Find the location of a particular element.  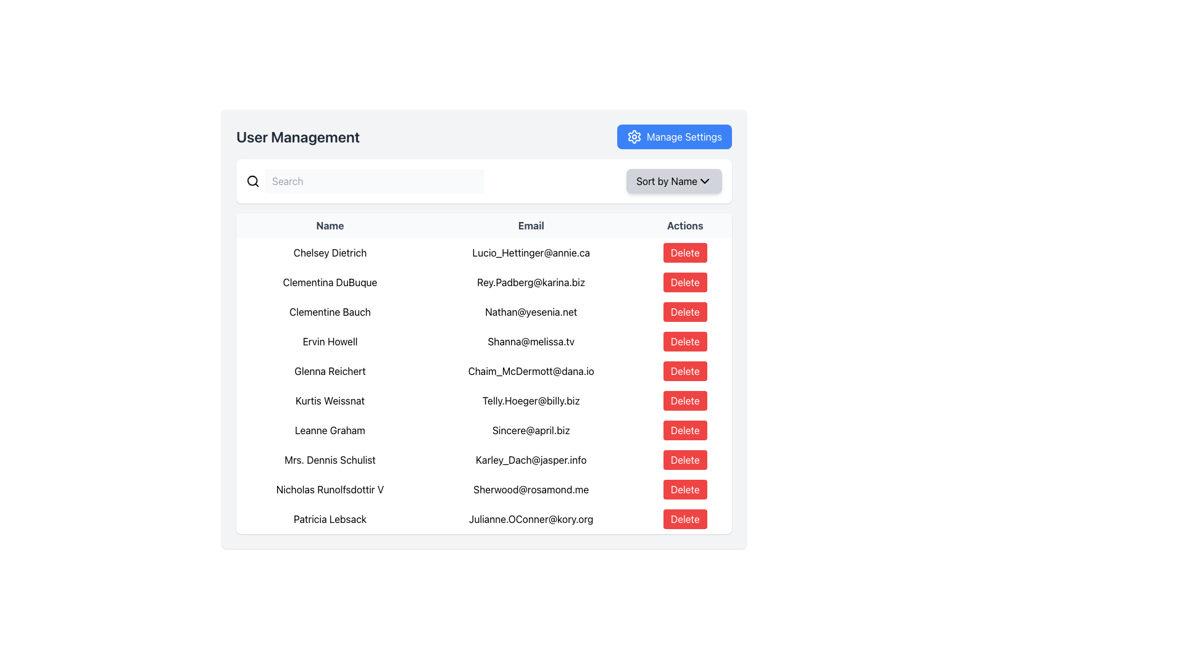

the 'Delete' button with red background and white text in the user management table for user 'Lucio_Hettinger@annie.ca' is located at coordinates (684, 252).